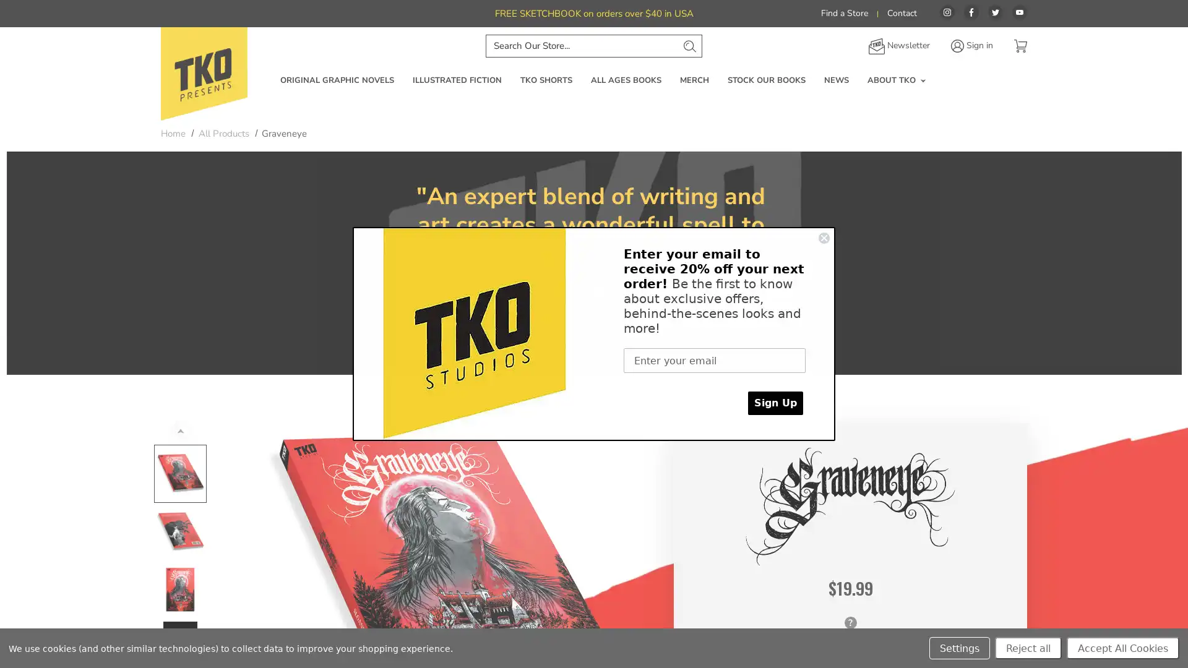 This screenshot has width=1188, height=668. Describe the element at coordinates (1028, 648) in the screenshot. I see `Reject all` at that location.